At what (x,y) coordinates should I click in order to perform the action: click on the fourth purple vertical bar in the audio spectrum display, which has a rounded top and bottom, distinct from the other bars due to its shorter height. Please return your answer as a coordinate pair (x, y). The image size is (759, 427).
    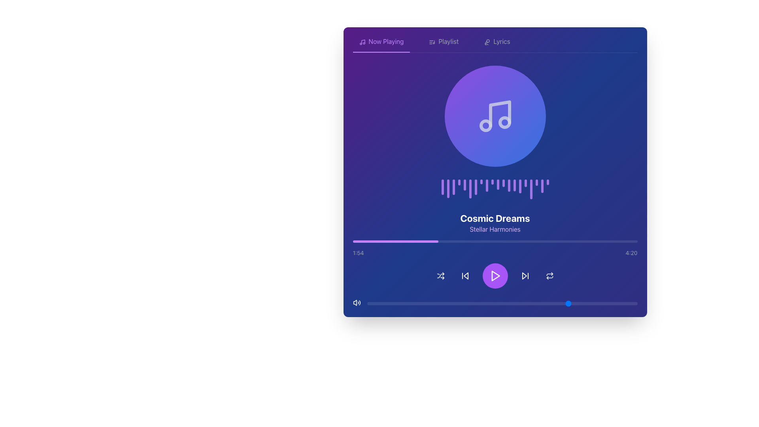
    Looking at the image, I should click on (459, 182).